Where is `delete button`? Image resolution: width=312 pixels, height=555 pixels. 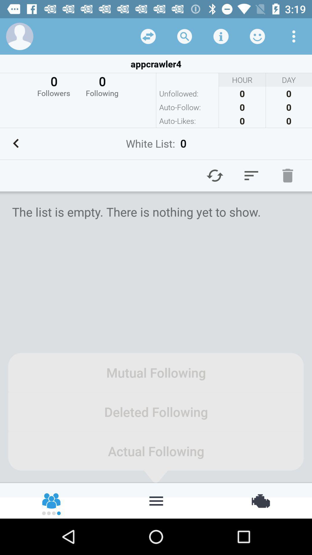 delete button is located at coordinates (287, 175).